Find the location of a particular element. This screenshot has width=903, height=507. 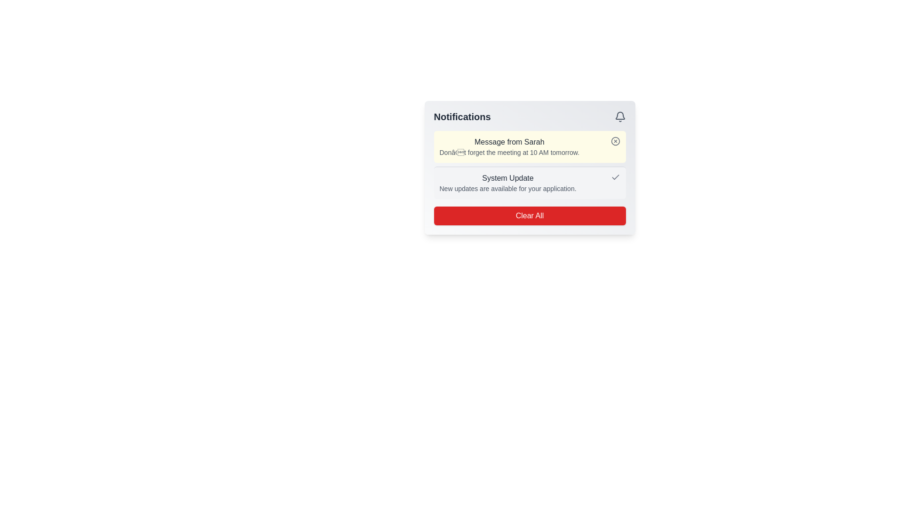

title text of the notification about the system update, which is centrally positioned at the top of the notification section is located at coordinates (507, 178).